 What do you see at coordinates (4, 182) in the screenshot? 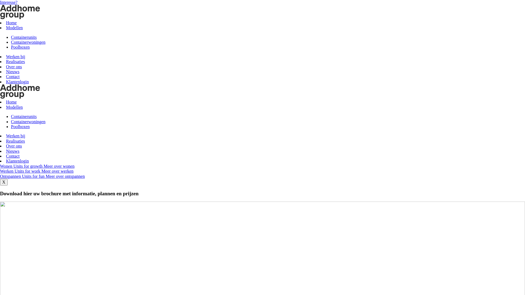
I see `'X'` at bounding box center [4, 182].